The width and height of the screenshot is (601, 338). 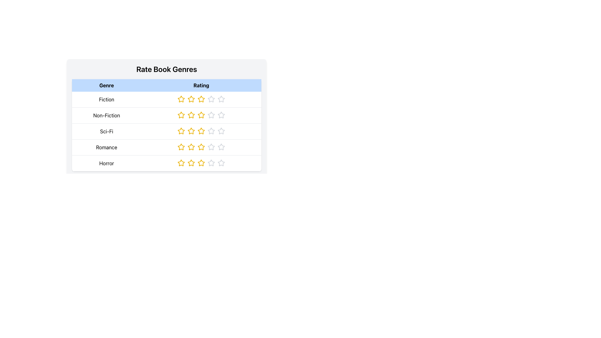 What do you see at coordinates (221, 99) in the screenshot?
I see `the fourth star in the Rating Star Indicator under the 'Fiction' label to assign or modify the rating` at bounding box center [221, 99].